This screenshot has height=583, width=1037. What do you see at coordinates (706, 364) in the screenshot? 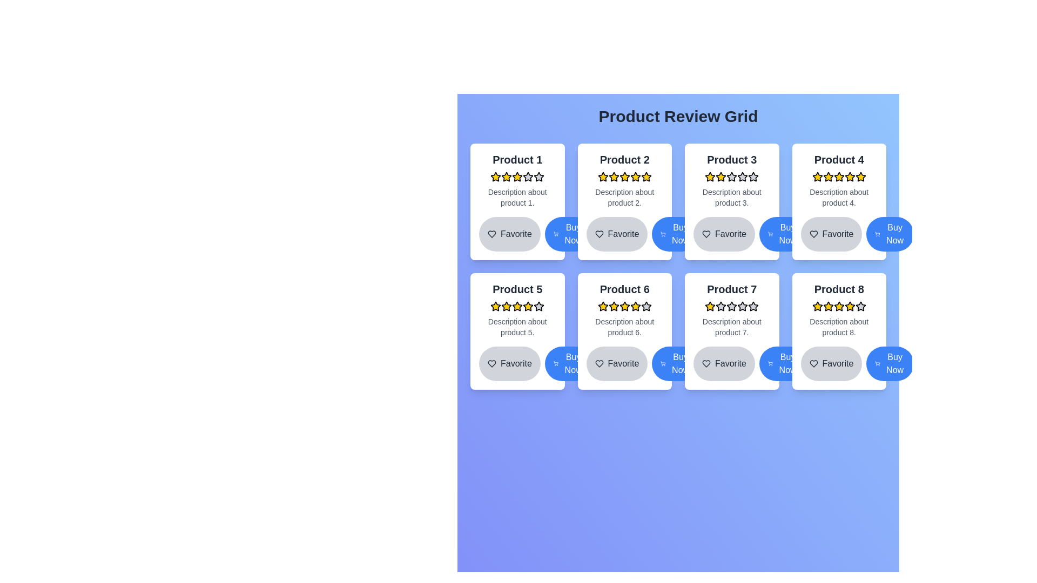
I see `the heart icon within the 'Favorite' button of Product 7 to favorite the product` at bounding box center [706, 364].